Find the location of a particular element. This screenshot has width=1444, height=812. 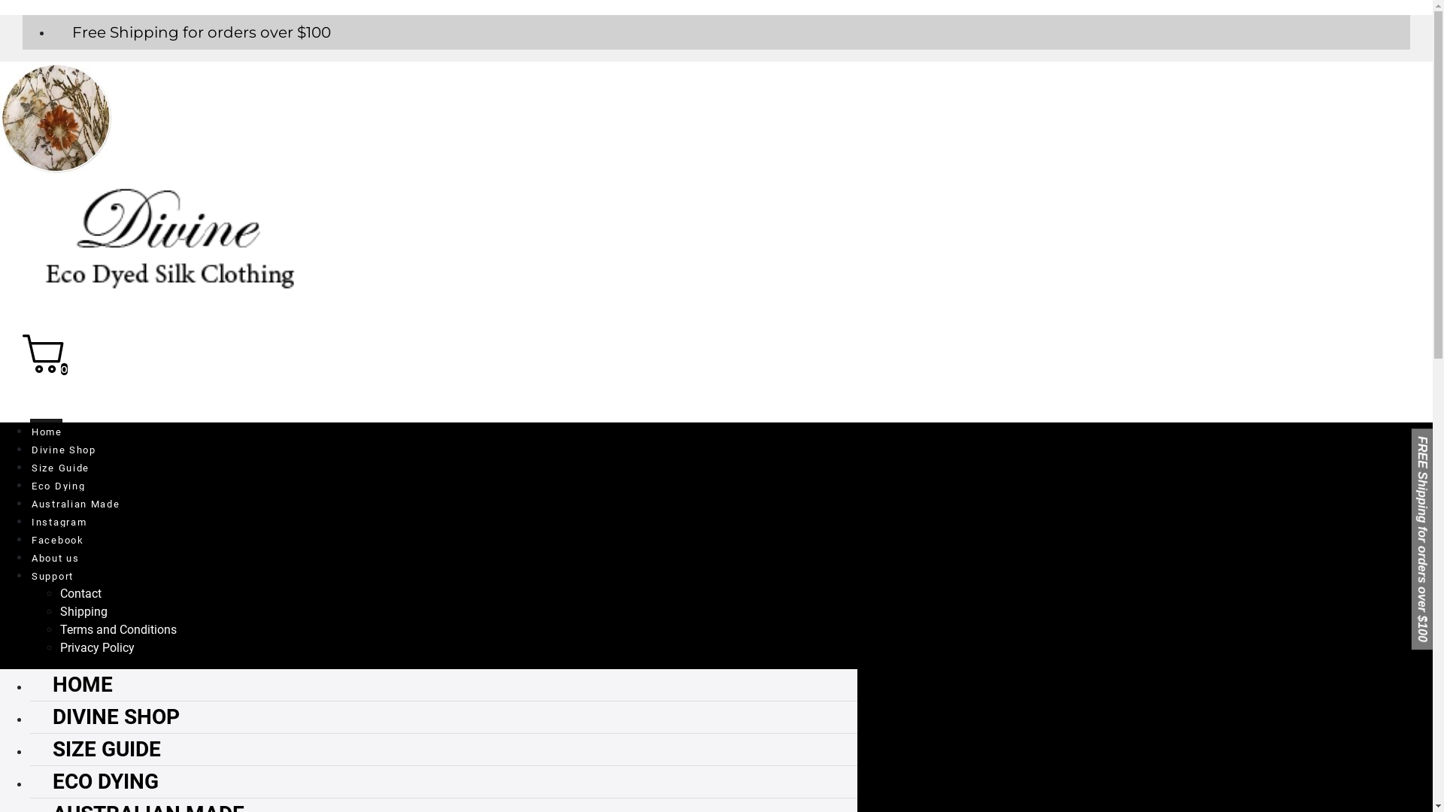

'Shipping' is located at coordinates (83, 611).